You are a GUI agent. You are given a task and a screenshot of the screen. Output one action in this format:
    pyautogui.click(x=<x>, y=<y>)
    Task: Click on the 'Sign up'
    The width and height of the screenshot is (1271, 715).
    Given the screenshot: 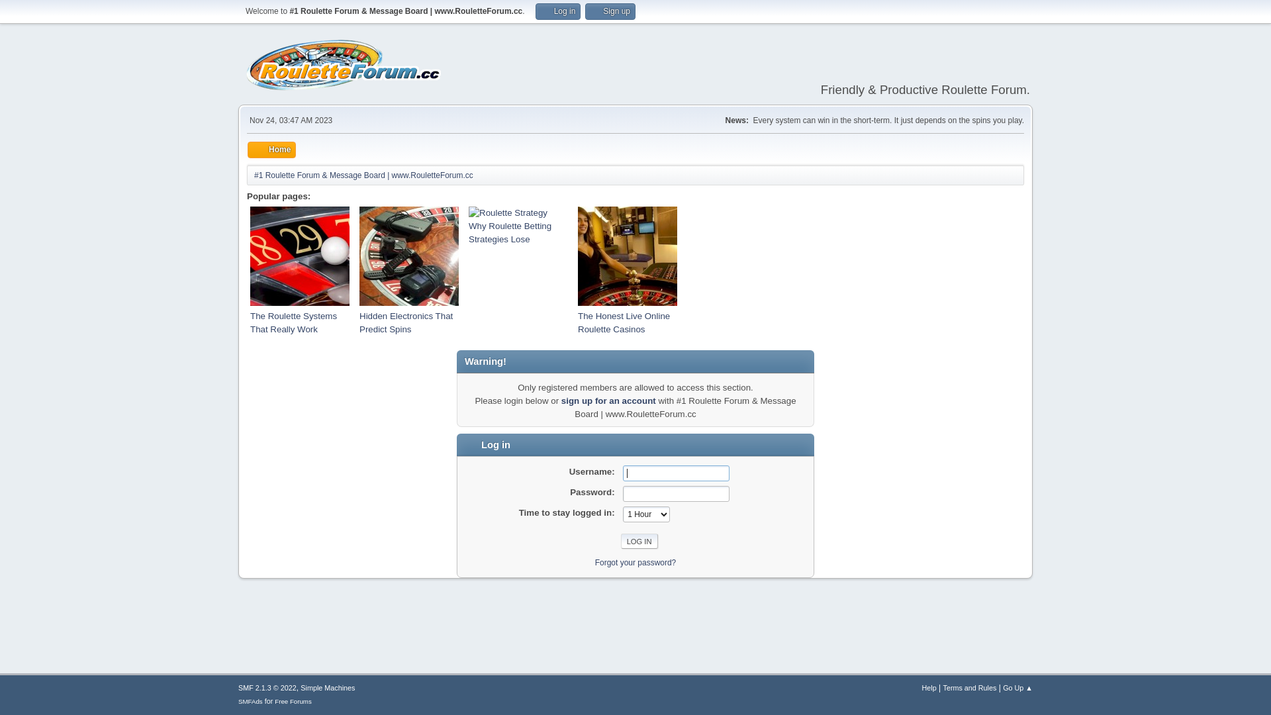 What is the action you would take?
    pyautogui.click(x=609, y=11)
    